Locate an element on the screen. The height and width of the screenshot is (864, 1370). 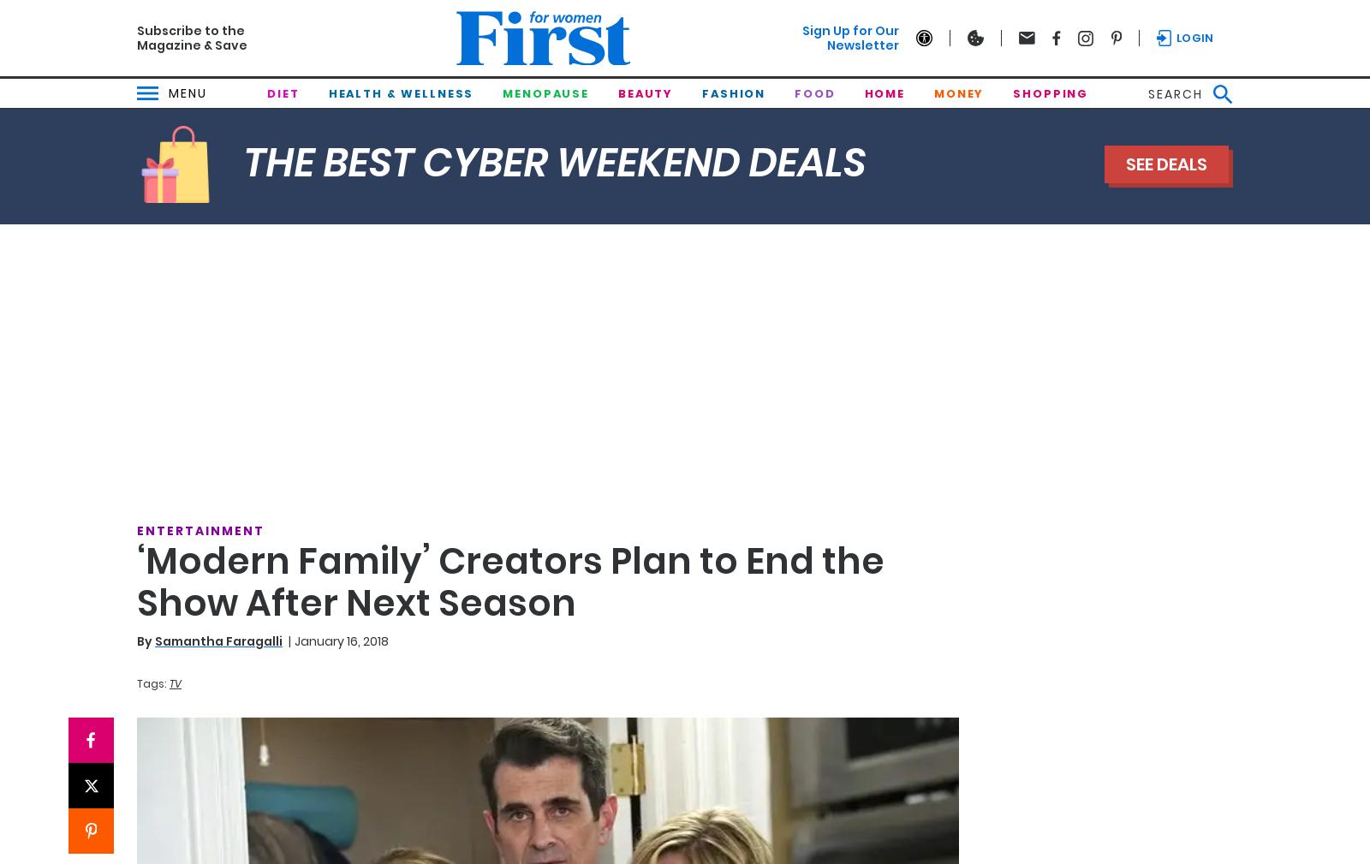
'Beauty' is located at coordinates (645, 92).